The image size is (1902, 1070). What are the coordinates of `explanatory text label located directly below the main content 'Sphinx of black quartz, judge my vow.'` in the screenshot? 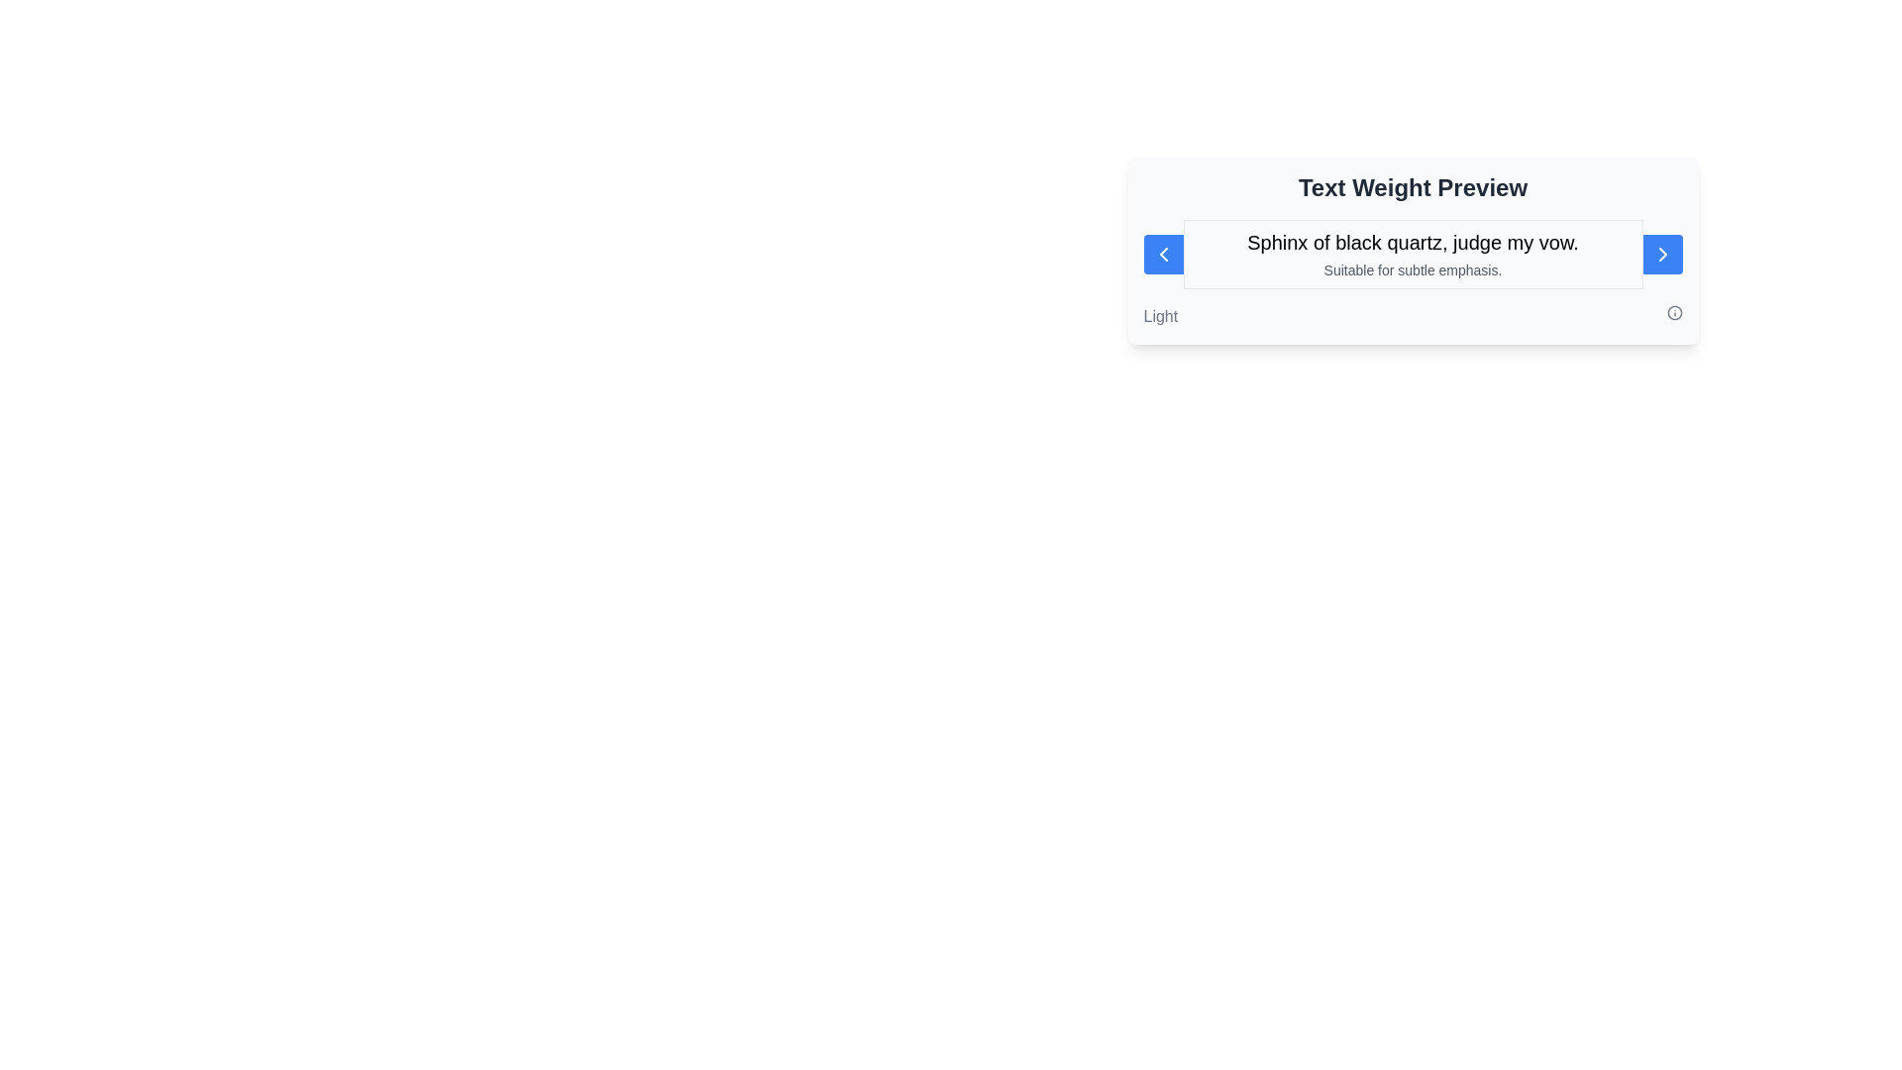 It's located at (1412, 270).